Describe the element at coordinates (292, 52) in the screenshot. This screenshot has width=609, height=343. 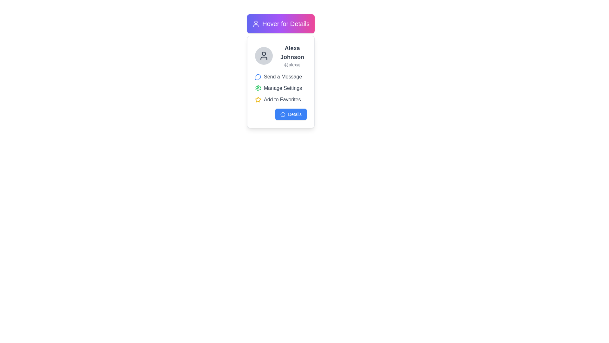
I see `the text label displaying 'Alexa Johnson' in the user profile card, which is prominently styled in bold and larger font, located centrally below the user avatar` at that location.